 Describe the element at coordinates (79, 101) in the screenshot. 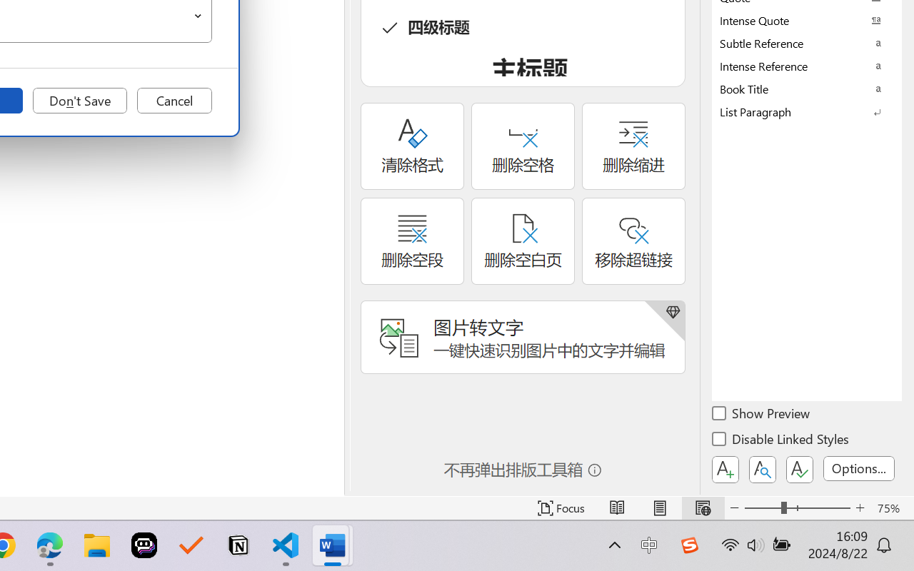

I see `'Don'` at that location.